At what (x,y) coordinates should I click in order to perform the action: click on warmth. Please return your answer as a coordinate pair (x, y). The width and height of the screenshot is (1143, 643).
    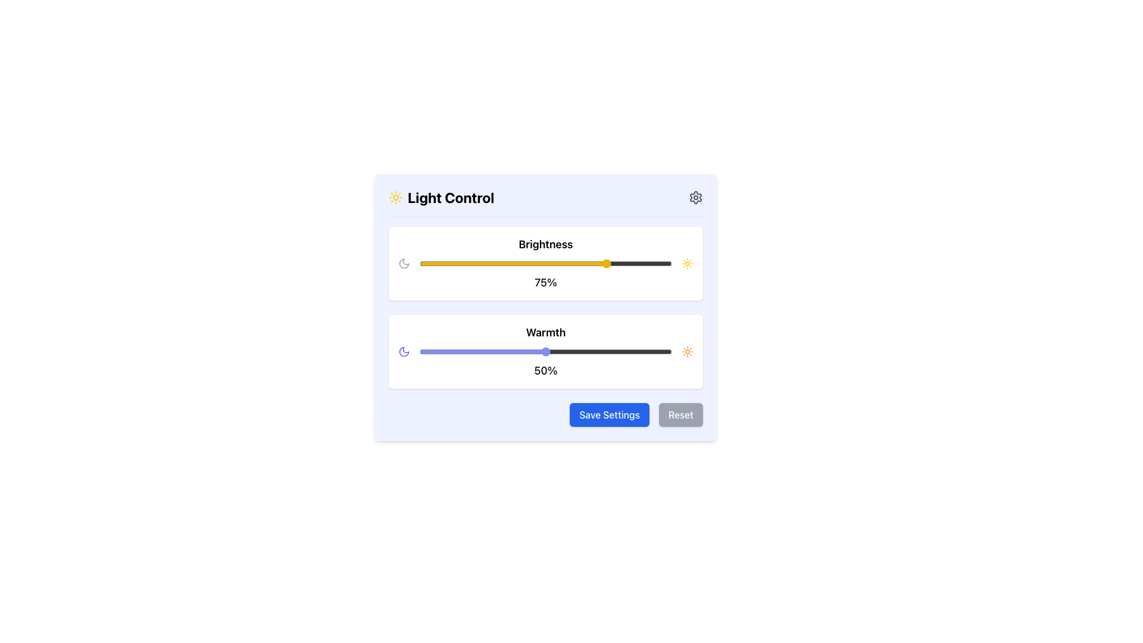
    Looking at the image, I should click on (436, 351).